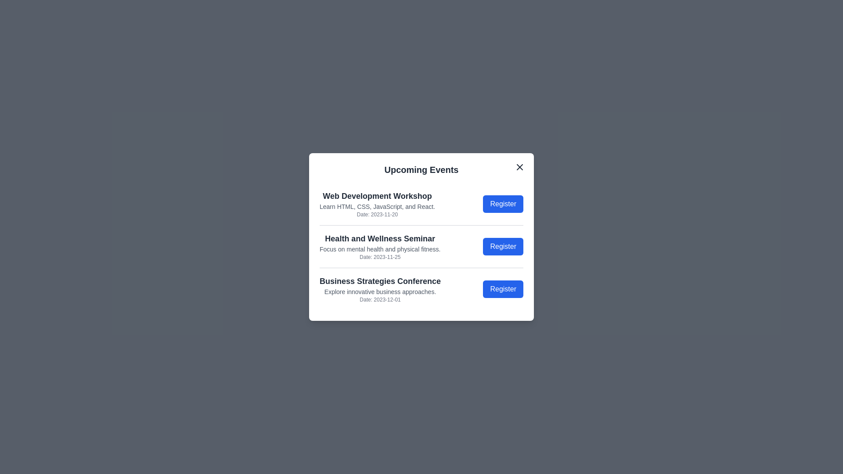 The image size is (843, 474). I want to click on the details of the selected event: Web Development Workshop, so click(377, 204).